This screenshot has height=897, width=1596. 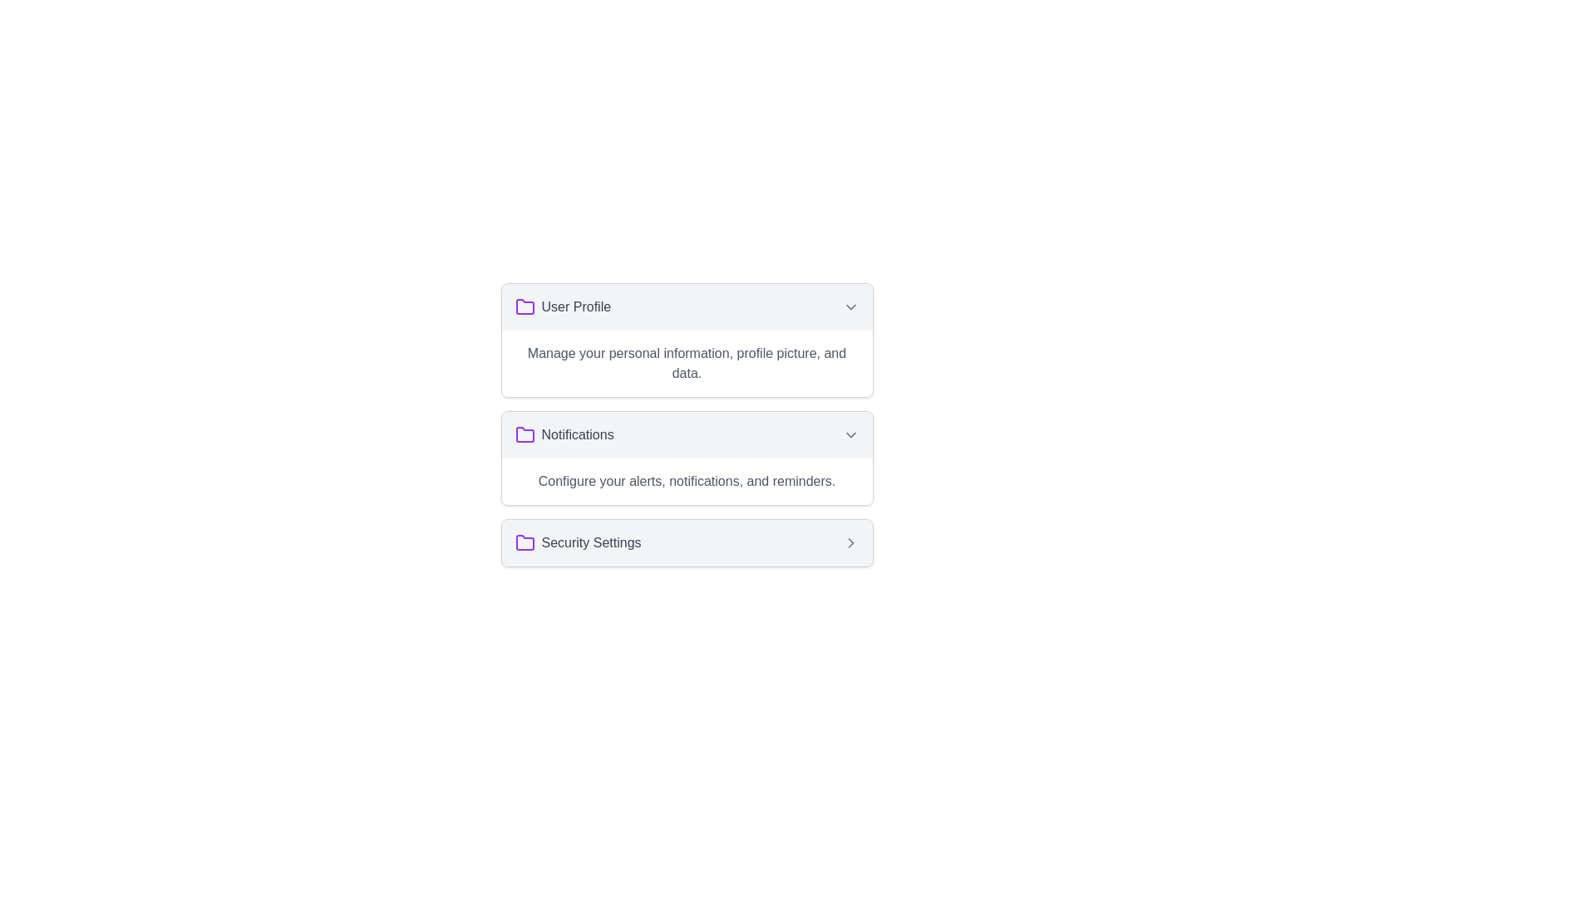 What do you see at coordinates (850, 543) in the screenshot?
I see `the rightward-pointing chevron icon in the far-right corner of the 'Security Settings' section` at bounding box center [850, 543].